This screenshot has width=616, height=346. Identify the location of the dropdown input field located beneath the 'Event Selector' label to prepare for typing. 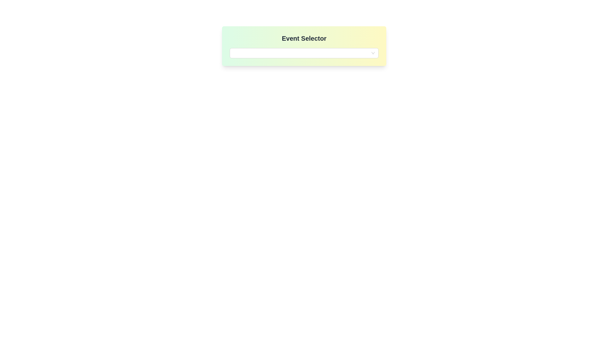
(304, 53).